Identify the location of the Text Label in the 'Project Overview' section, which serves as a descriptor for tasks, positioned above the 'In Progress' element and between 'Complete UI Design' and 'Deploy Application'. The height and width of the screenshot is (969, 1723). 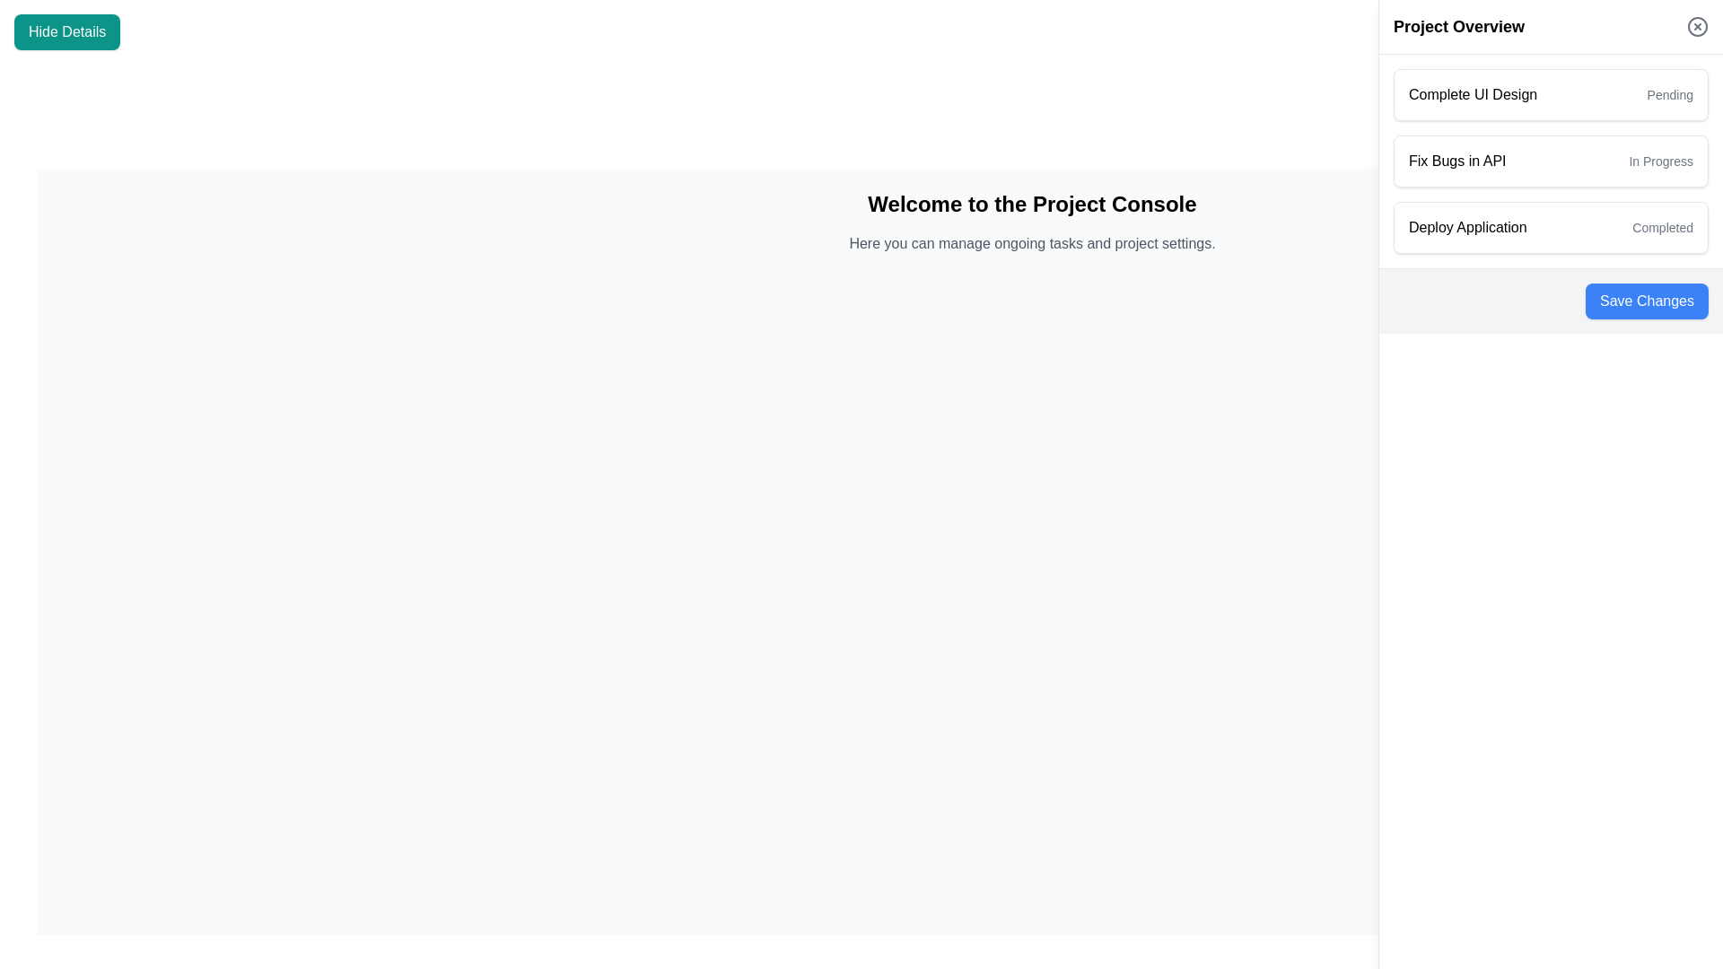
(1457, 161).